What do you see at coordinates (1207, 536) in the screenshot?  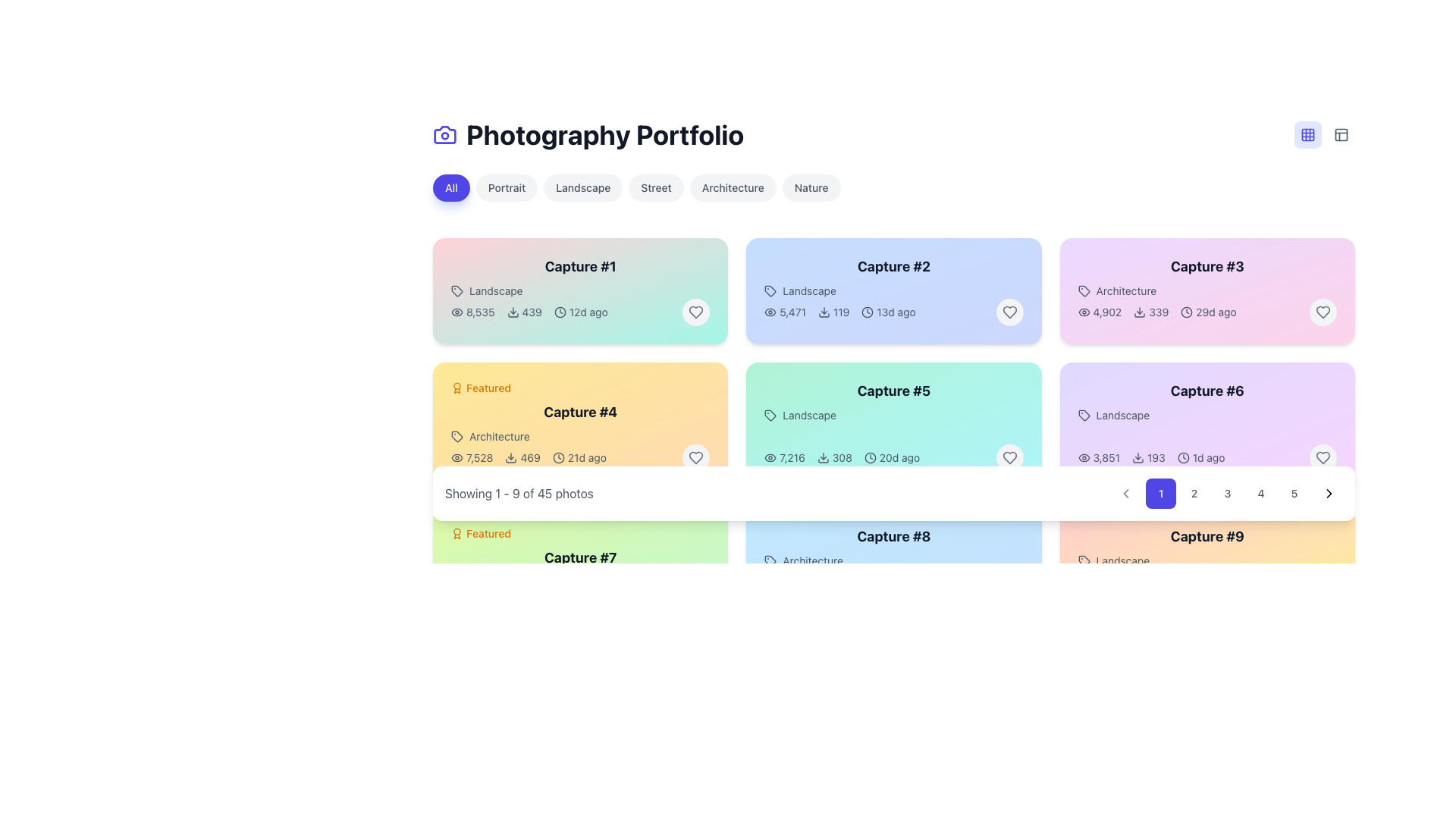 I see `the bold text label reading 'Capture #9' located at the top section of a yellow-orange card in the bottom-right corner of the grid layout` at bounding box center [1207, 536].